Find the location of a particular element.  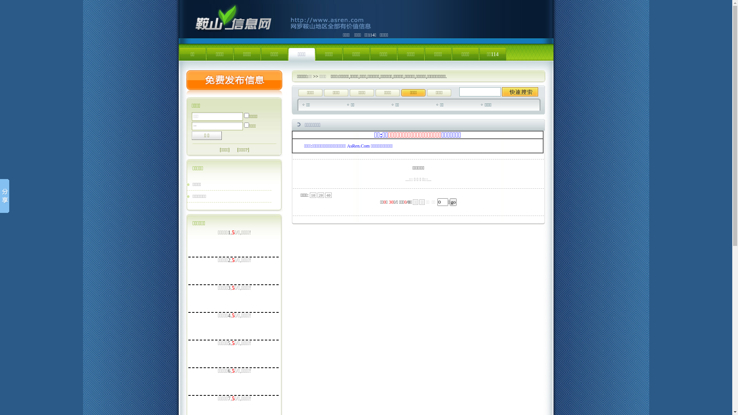

'go' is located at coordinates (453, 201).